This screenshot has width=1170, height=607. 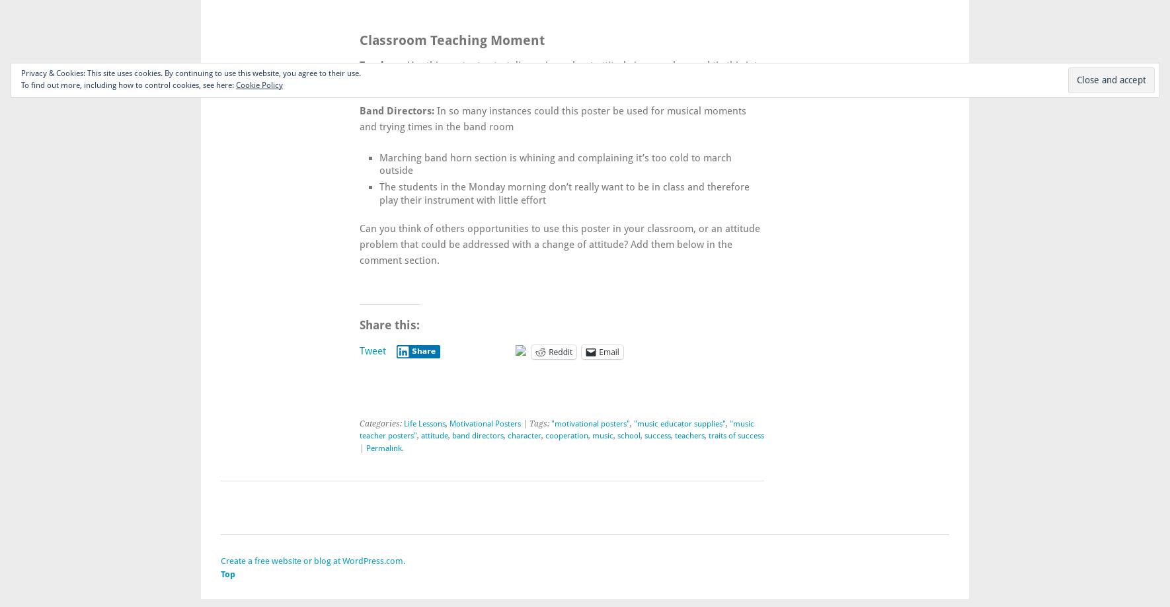 What do you see at coordinates (395, 110) in the screenshot?
I see `'Band Directors:'` at bounding box center [395, 110].